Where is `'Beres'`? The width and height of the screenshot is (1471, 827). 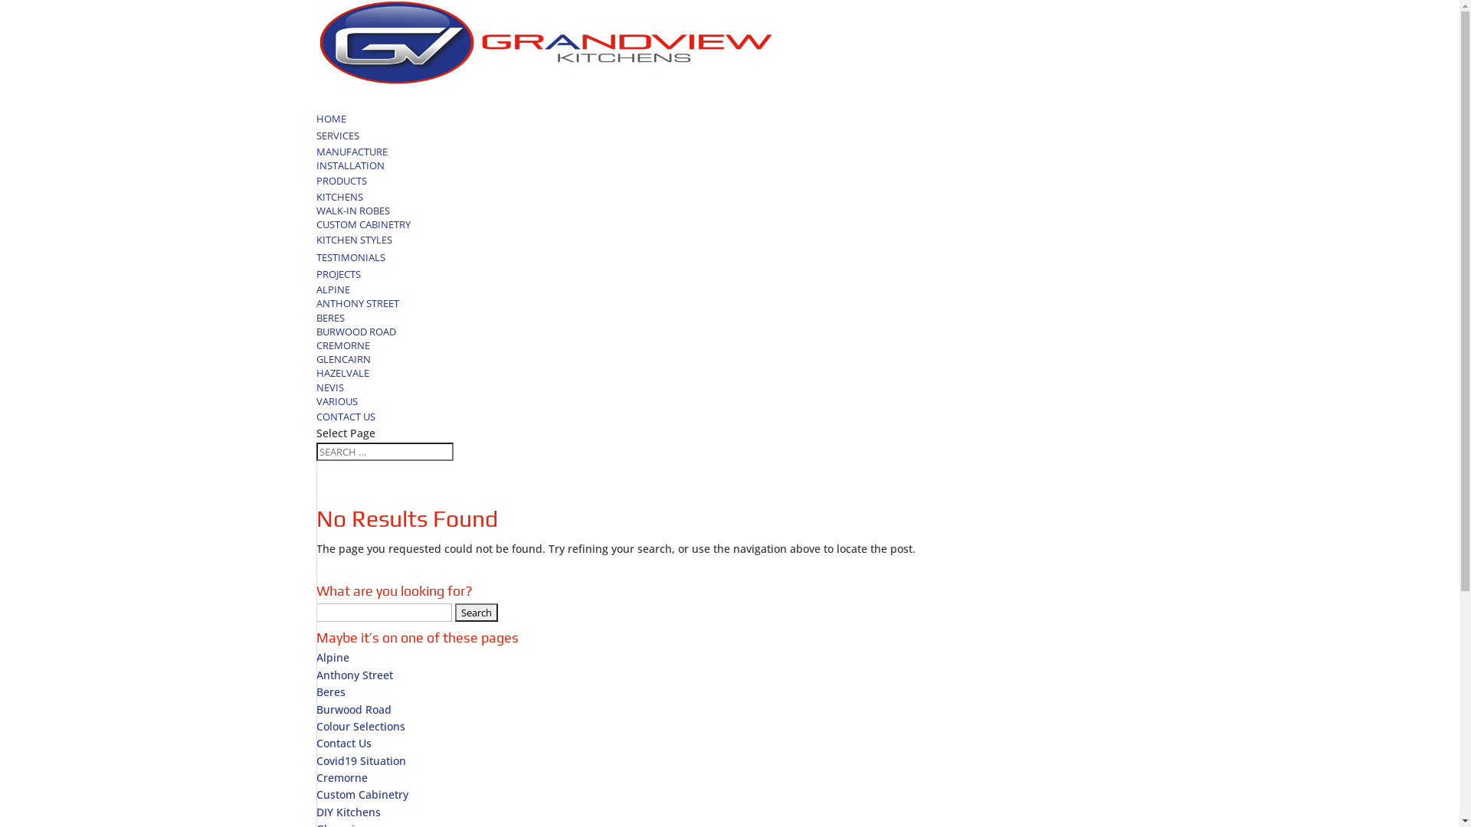
'Beres' is located at coordinates (329, 691).